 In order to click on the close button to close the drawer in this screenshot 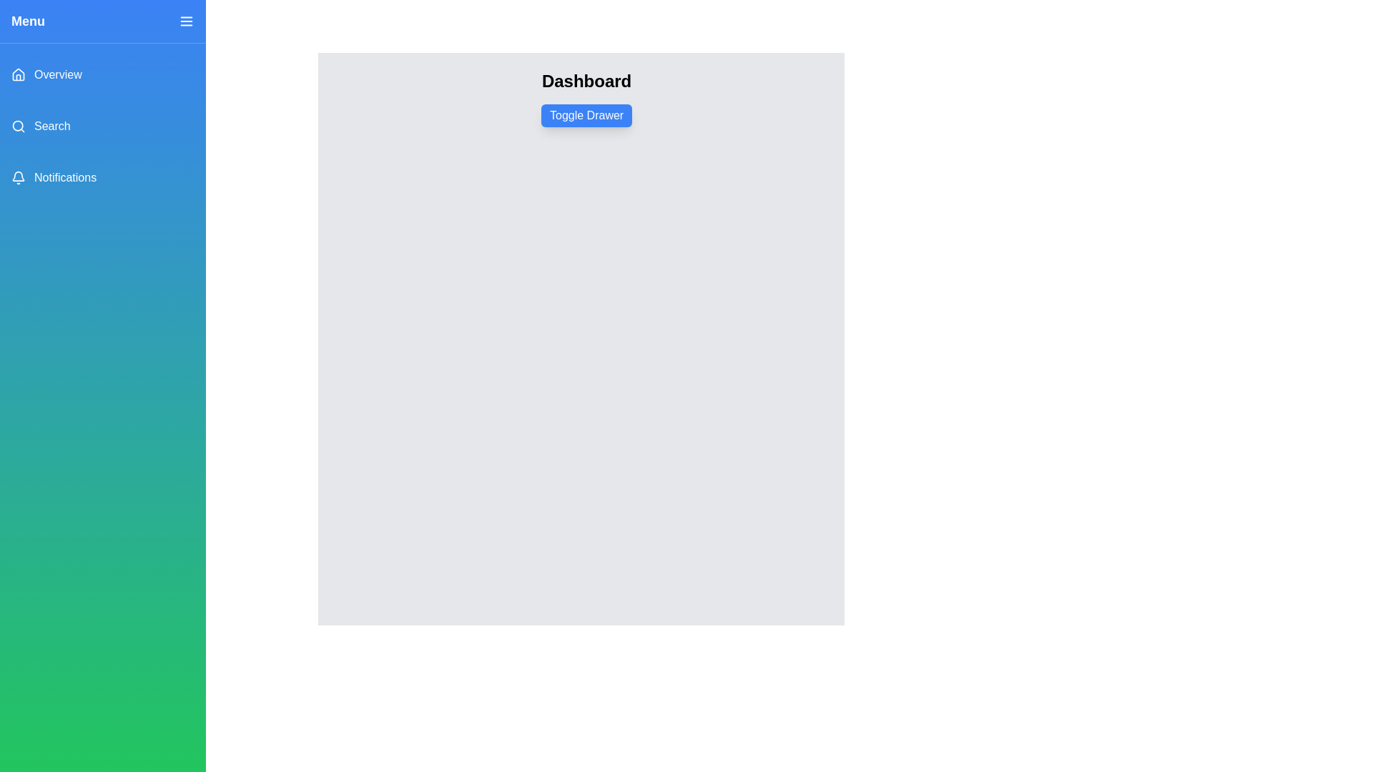, I will do `click(185, 21)`.